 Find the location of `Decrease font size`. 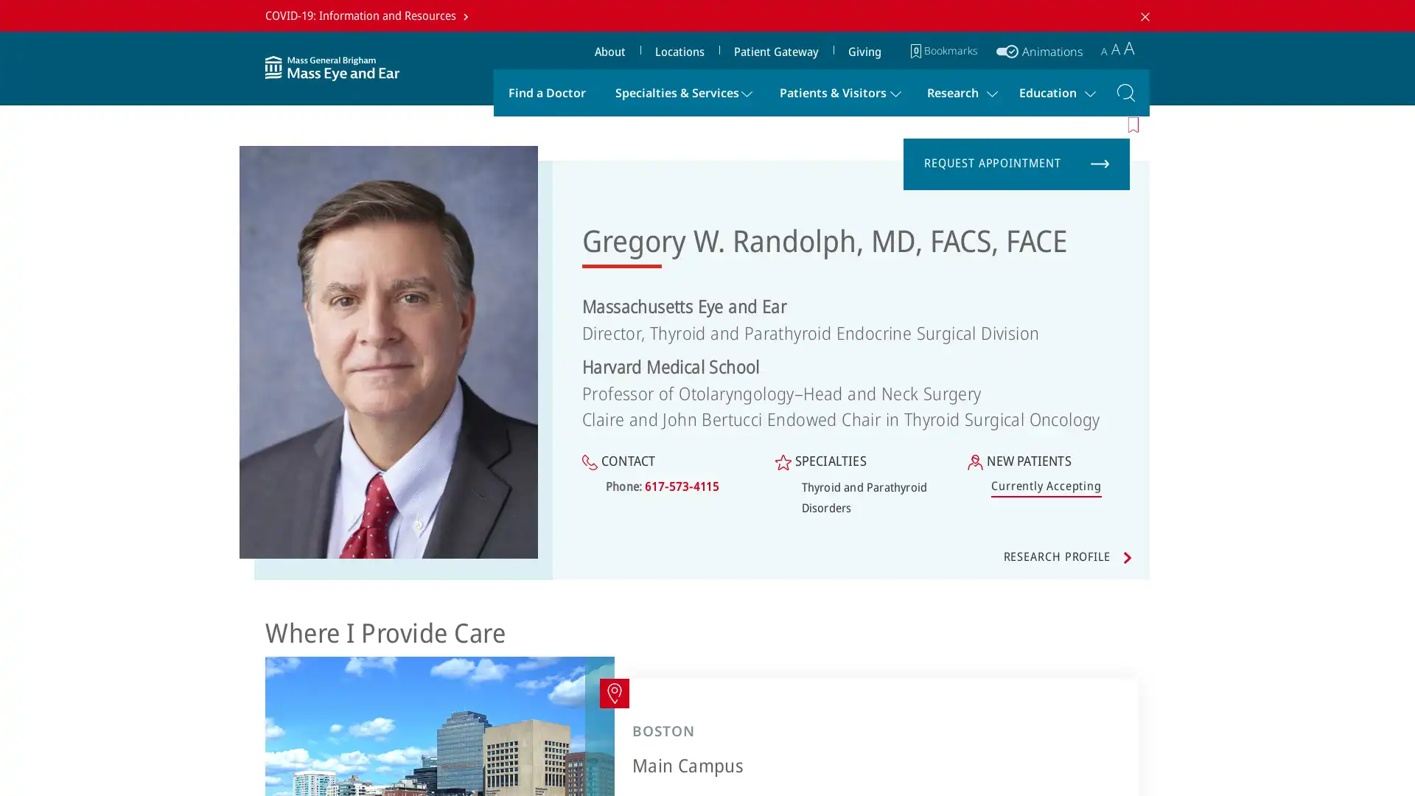

Decrease font size is located at coordinates (1104, 50).